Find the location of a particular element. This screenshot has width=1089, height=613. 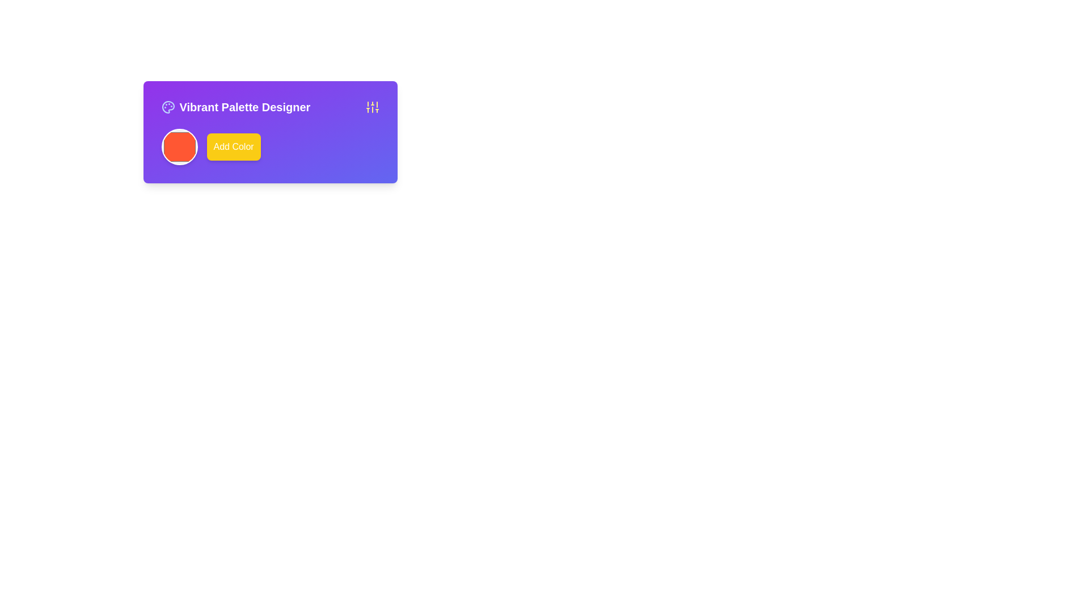

the Header element that serves as the title or header of the section, indicating the purpose or context of the content within this interface is located at coordinates (269, 107).